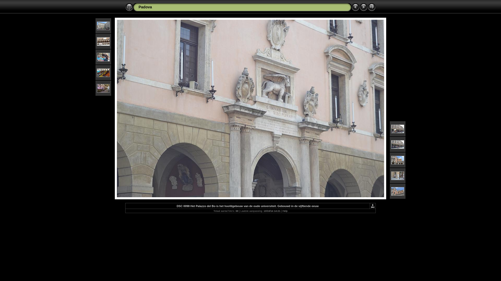  Describe the element at coordinates (355, 7) in the screenshot. I see `' Vorige foto '` at that location.